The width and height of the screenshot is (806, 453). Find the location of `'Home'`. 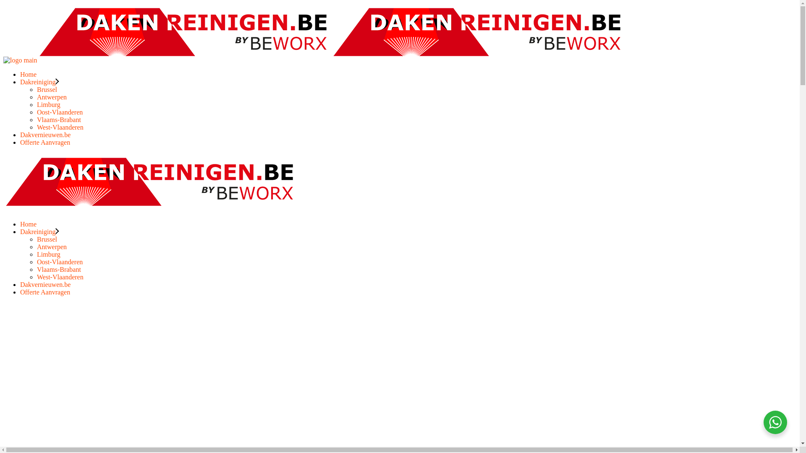

'Home' is located at coordinates (20, 224).